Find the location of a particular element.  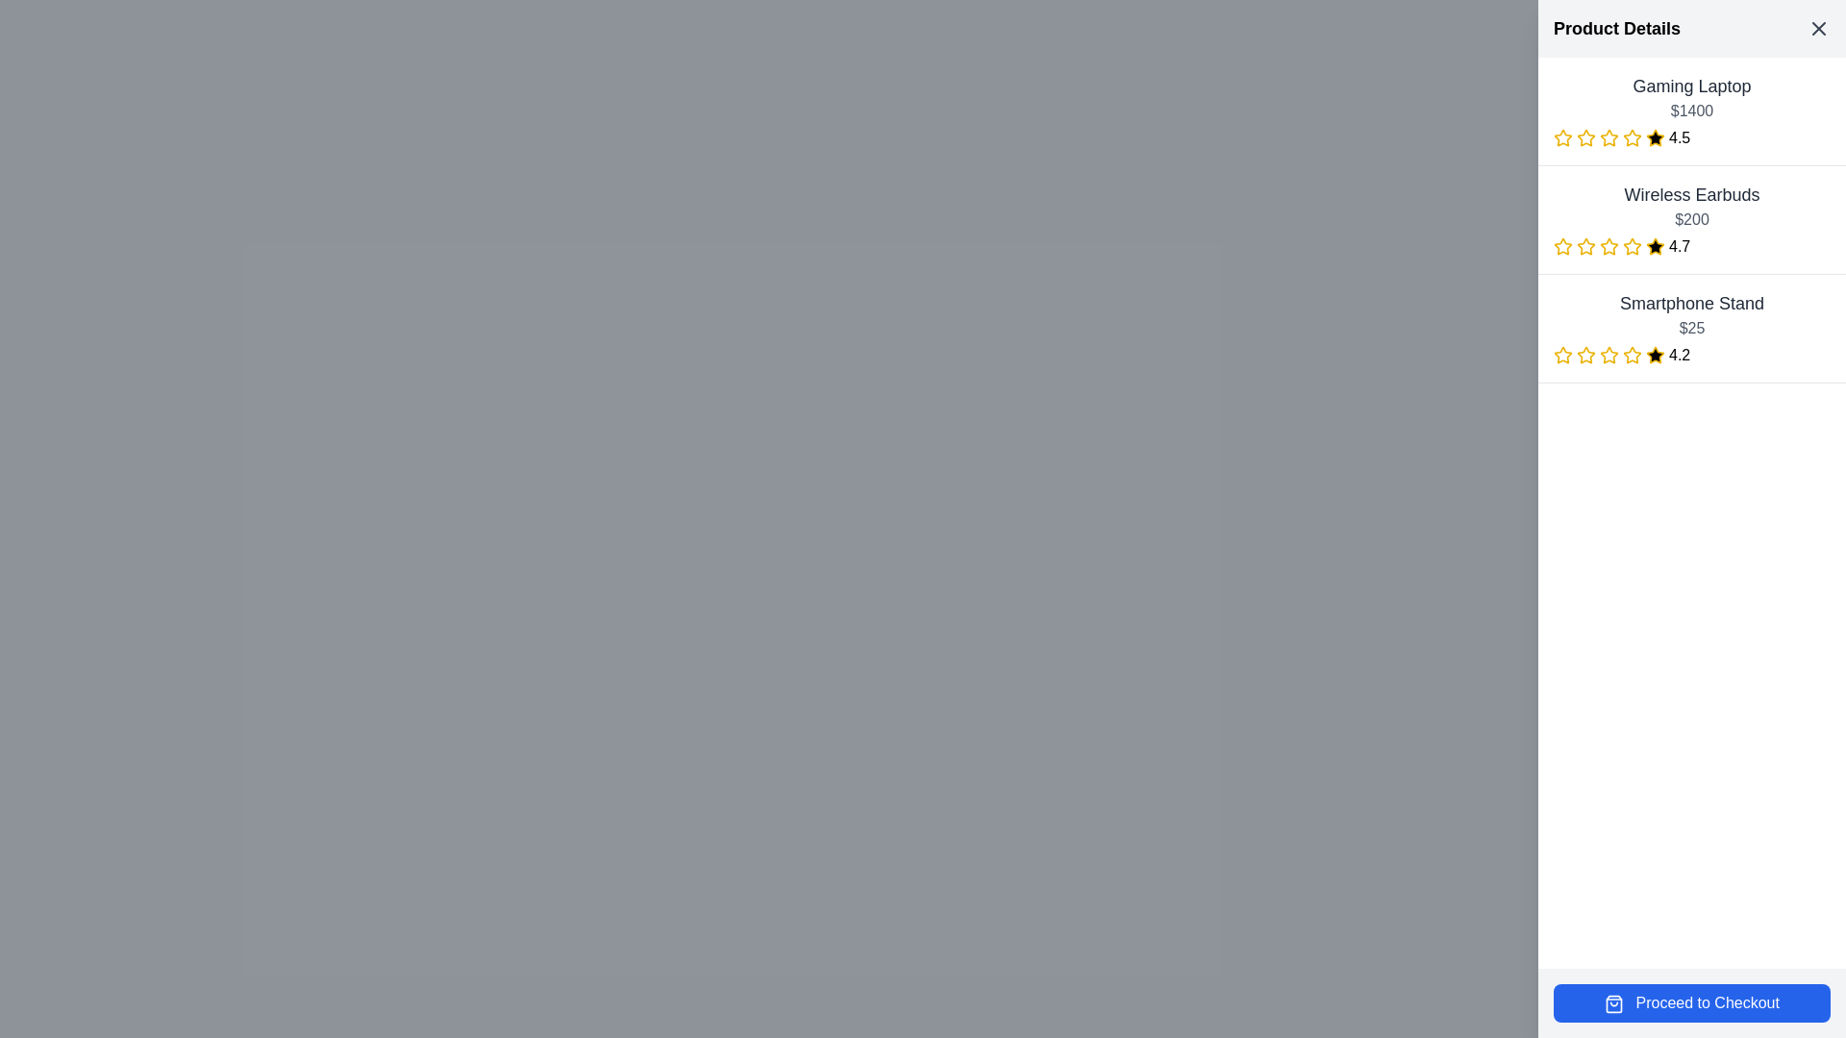

the third star icon in the ratings section for the 'Gaming Laptop' product, which represents a single step in the rating system is located at coordinates (1586, 136).